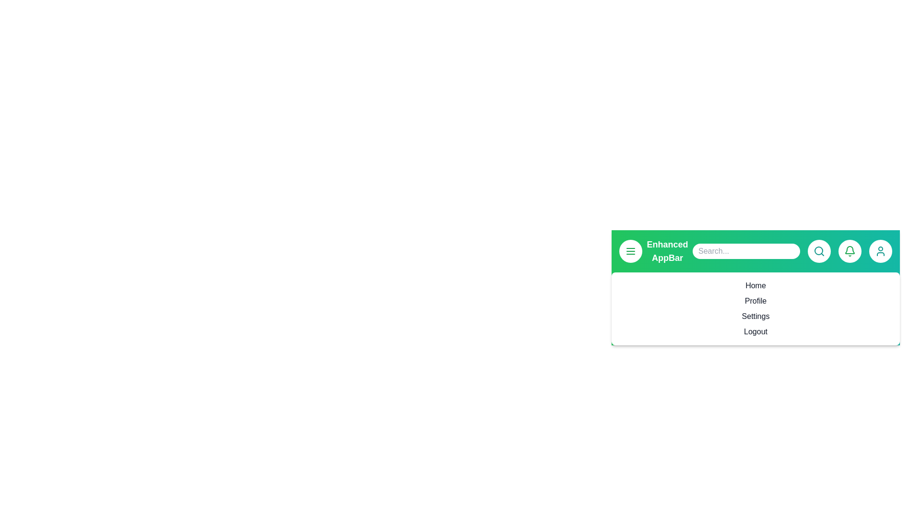  What do you see at coordinates (755, 331) in the screenshot?
I see `the menu item Logout from the EnhancedAppBar` at bounding box center [755, 331].